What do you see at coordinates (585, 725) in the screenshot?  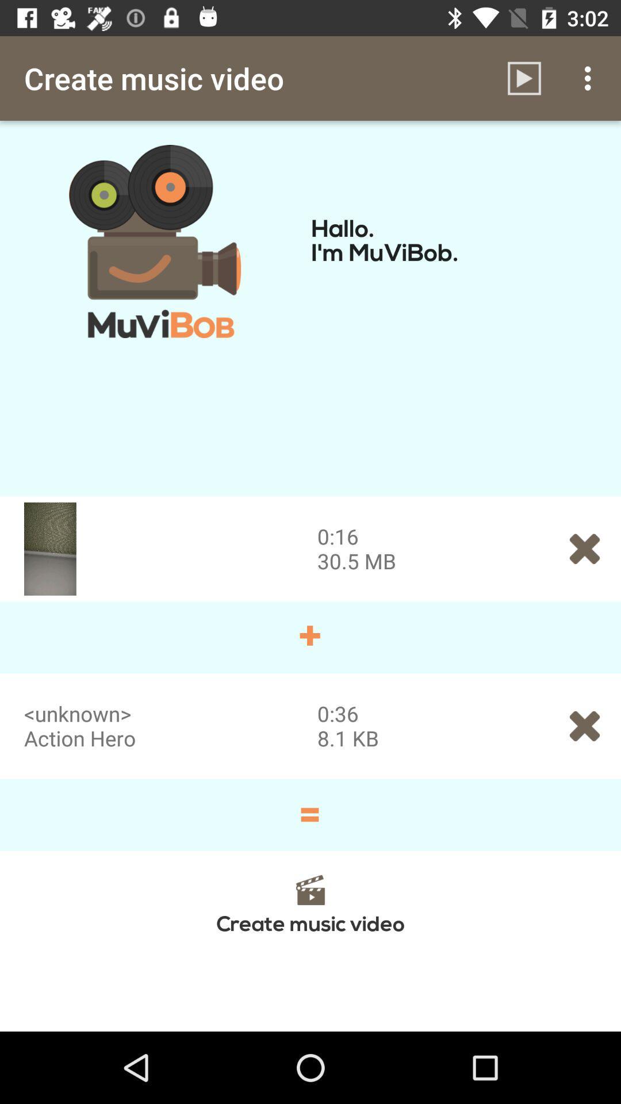 I see `the close icon` at bounding box center [585, 725].